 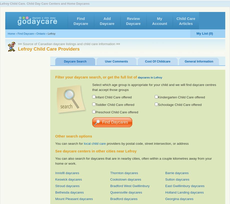 I want to click on 'My List (0)', so click(x=196, y=33).